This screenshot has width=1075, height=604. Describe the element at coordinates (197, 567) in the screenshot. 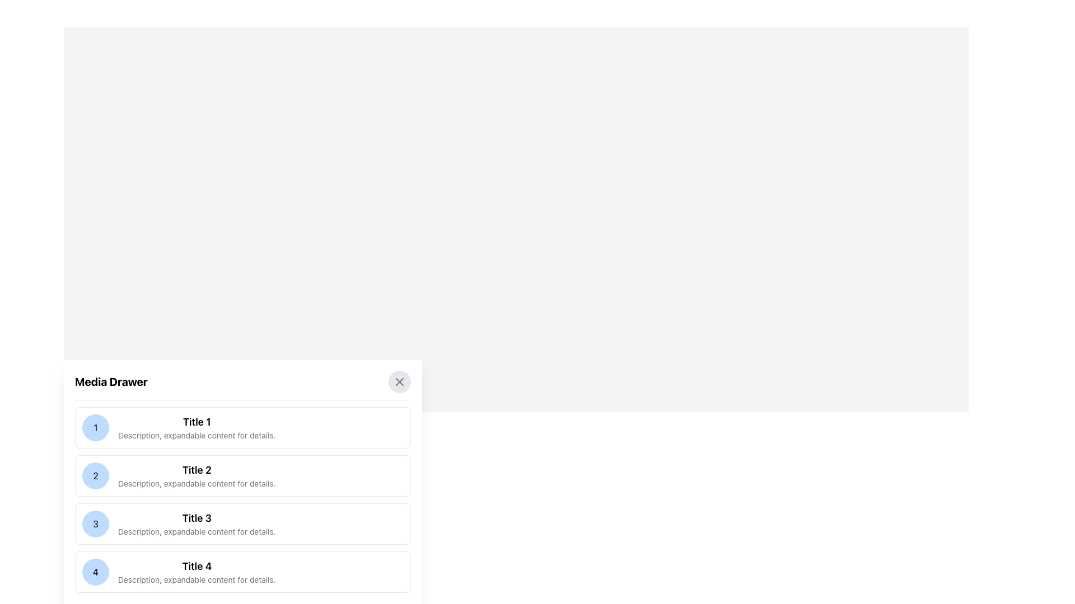

I see `the 'Title 4' text label in the fourth row of the 'Media Drawer' to expand the associated section using adjacent controls` at that location.